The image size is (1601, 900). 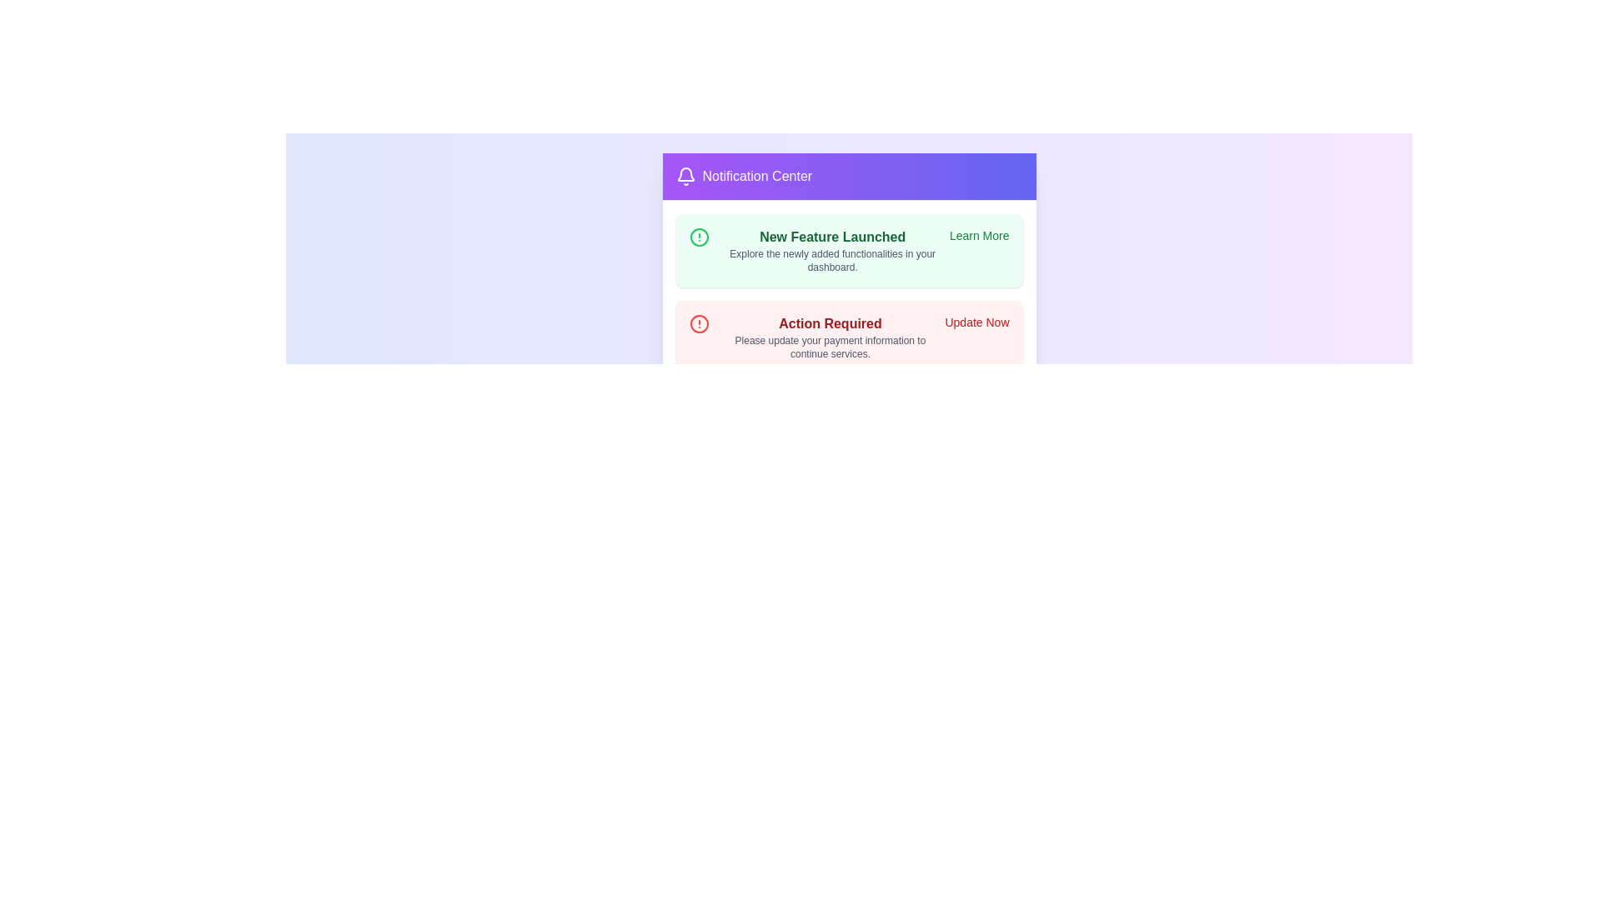 What do you see at coordinates (685, 174) in the screenshot?
I see `the notification icon located in the top-left corner of the notification header area within the 'Notification Center' banner` at bounding box center [685, 174].